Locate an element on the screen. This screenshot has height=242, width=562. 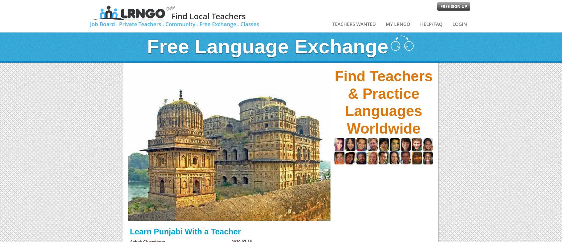
'Community .' is located at coordinates (181, 24).